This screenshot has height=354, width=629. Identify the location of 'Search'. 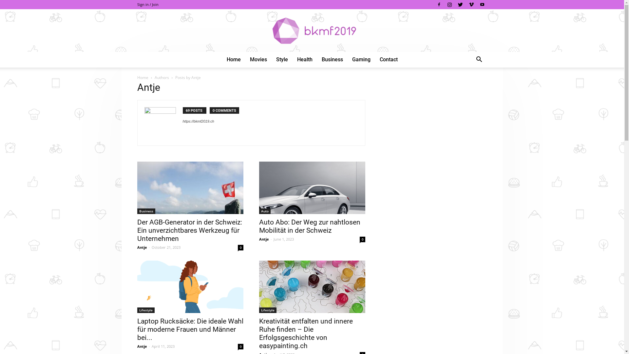
(457, 86).